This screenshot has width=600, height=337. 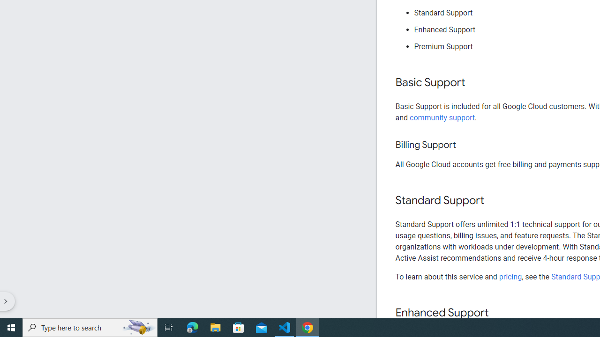 What do you see at coordinates (510, 276) in the screenshot?
I see `'pricing'` at bounding box center [510, 276].